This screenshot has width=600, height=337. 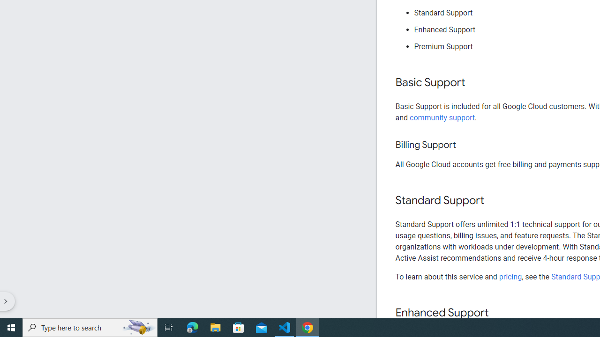 What do you see at coordinates (510, 276) in the screenshot?
I see `'pricing'` at bounding box center [510, 276].